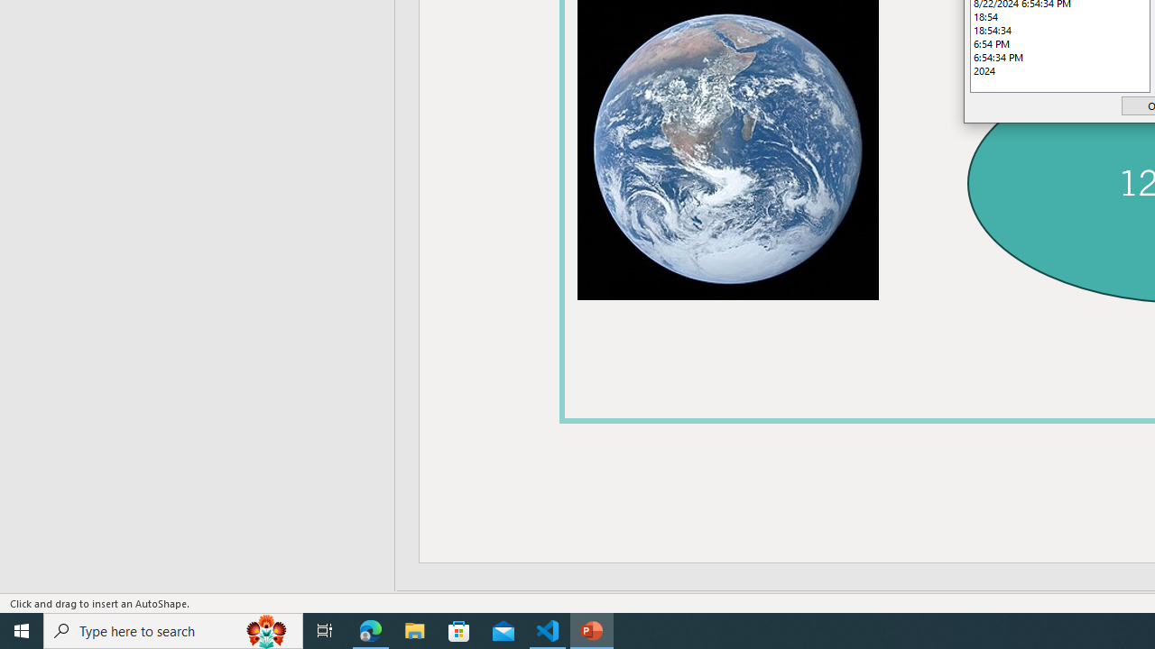 This screenshot has height=649, width=1155. I want to click on 'Microsoft Store', so click(459, 629).